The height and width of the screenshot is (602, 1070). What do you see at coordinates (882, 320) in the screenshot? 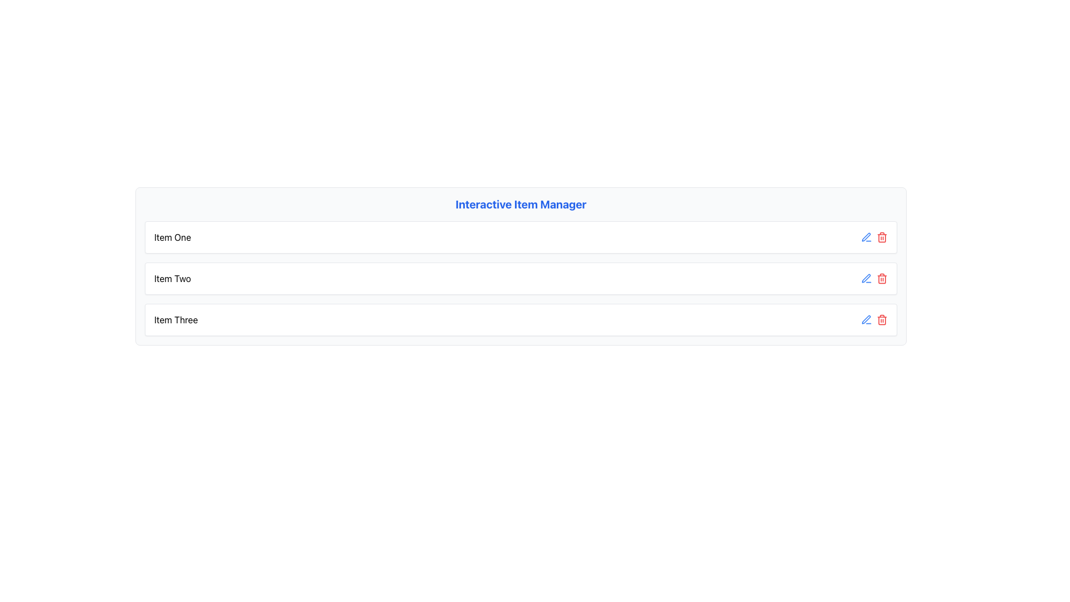
I see `the visual state of the Decorative component within the trash can icon located in the third list item on the interface, aligned to the far right` at bounding box center [882, 320].